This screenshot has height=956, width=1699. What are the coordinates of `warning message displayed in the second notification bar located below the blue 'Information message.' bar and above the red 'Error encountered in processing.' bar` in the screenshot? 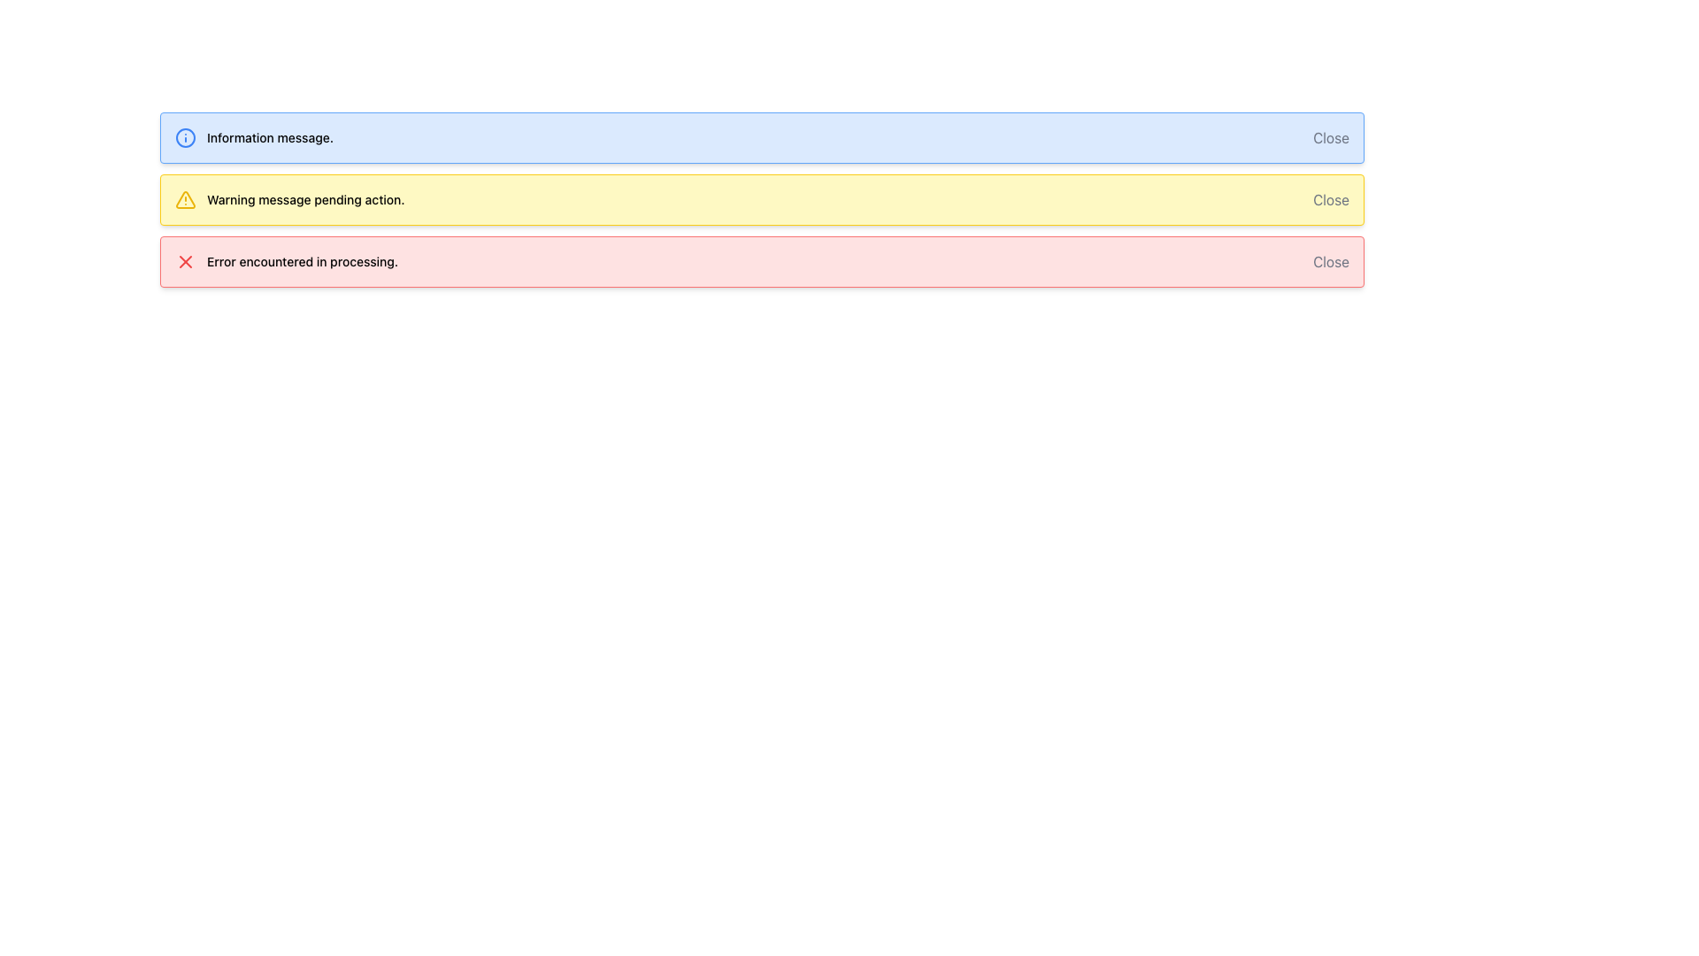 It's located at (762, 199).